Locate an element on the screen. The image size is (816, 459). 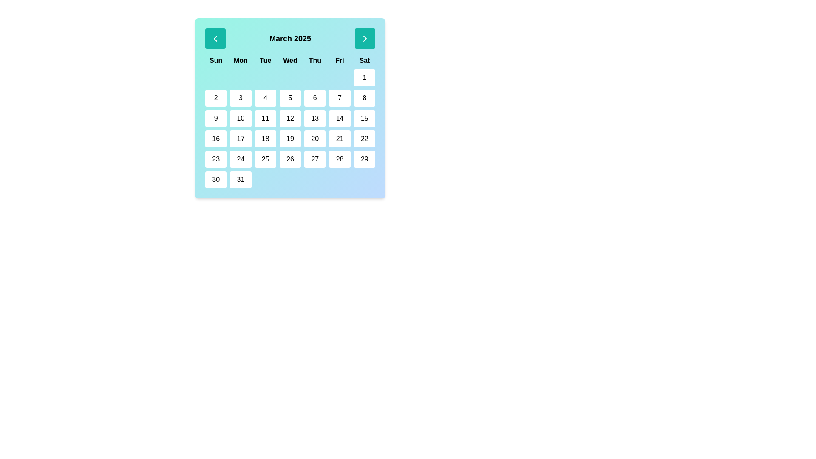
the left-pointing chevron arrow icon, which is part of the navigation interface in the calendar header is located at coordinates (215, 39).